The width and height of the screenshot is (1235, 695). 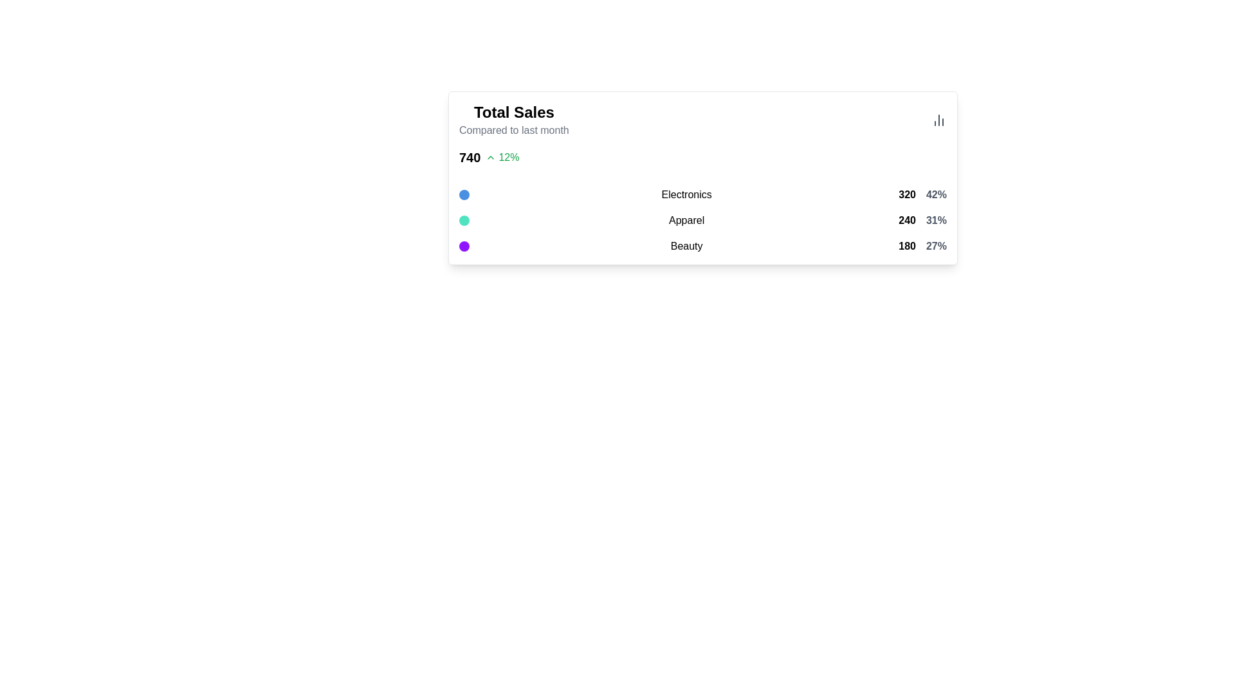 I want to click on data details of the 'Electronics' category in the summary chart, which includes the numeric value '320' and the percentage '42%', so click(x=702, y=195).